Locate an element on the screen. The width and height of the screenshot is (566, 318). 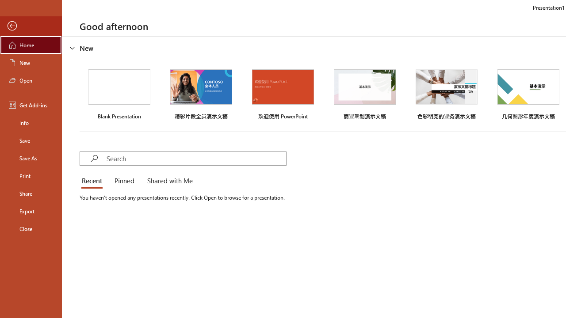
'Export' is located at coordinates (31, 211).